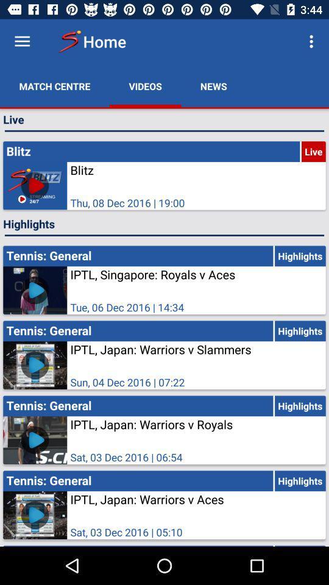  What do you see at coordinates (145, 85) in the screenshot?
I see `item next to the news icon` at bounding box center [145, 85].